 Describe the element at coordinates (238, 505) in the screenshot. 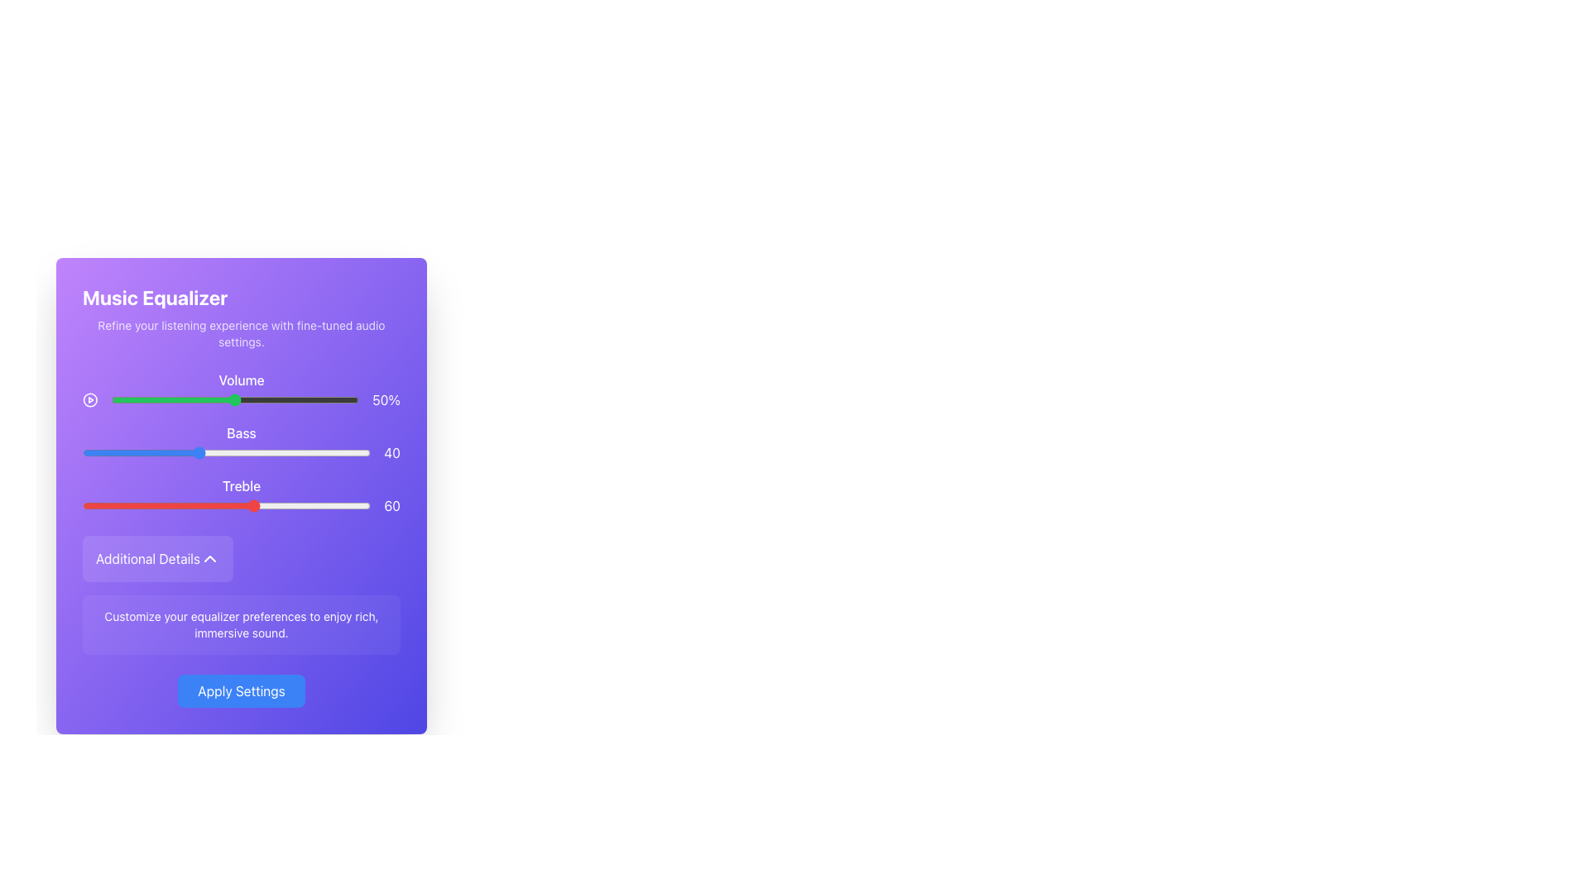

I see `the treble` at that location.